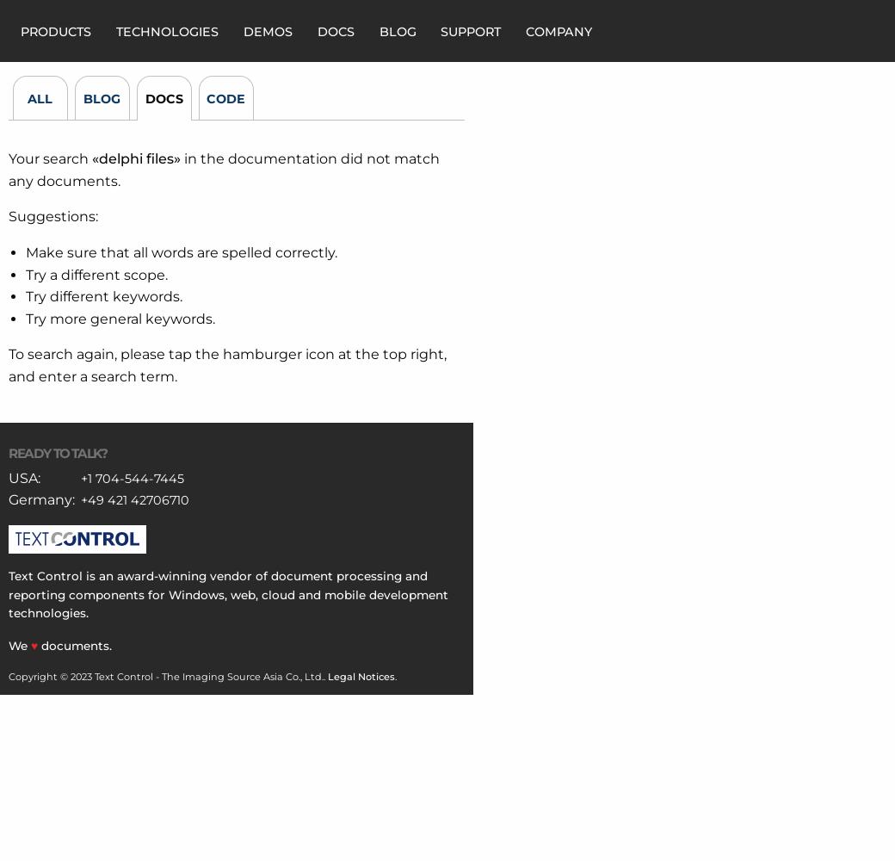  I want to click on 'Try more general keywords.', so click(120, 317).